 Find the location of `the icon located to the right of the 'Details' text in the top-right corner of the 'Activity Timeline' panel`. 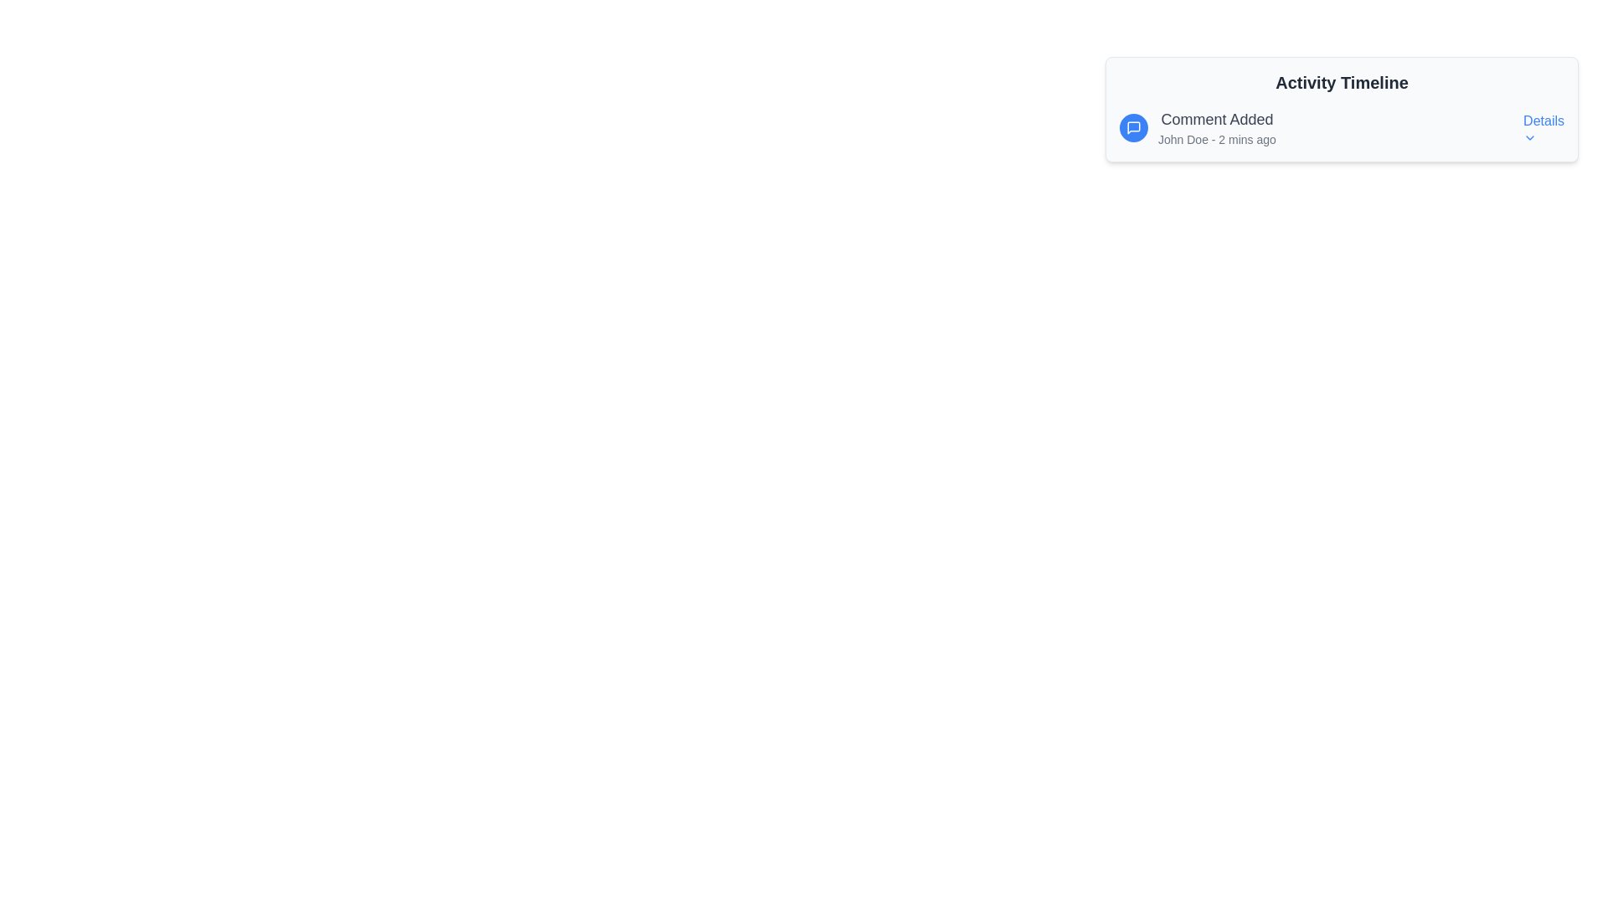

the icon located to the right of the 'Details' text in the top-right corner of the 'Activity Timeline' panel is located at coordinates (1530, 137).